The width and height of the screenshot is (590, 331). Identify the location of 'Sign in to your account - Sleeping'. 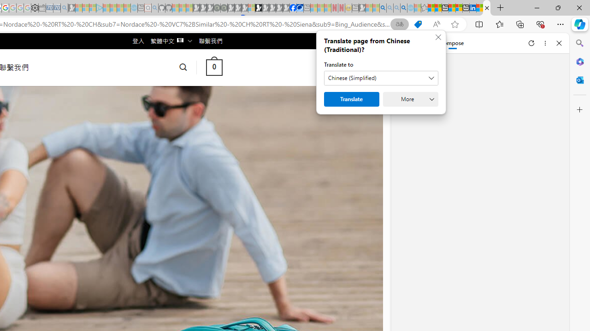
(251, 8).